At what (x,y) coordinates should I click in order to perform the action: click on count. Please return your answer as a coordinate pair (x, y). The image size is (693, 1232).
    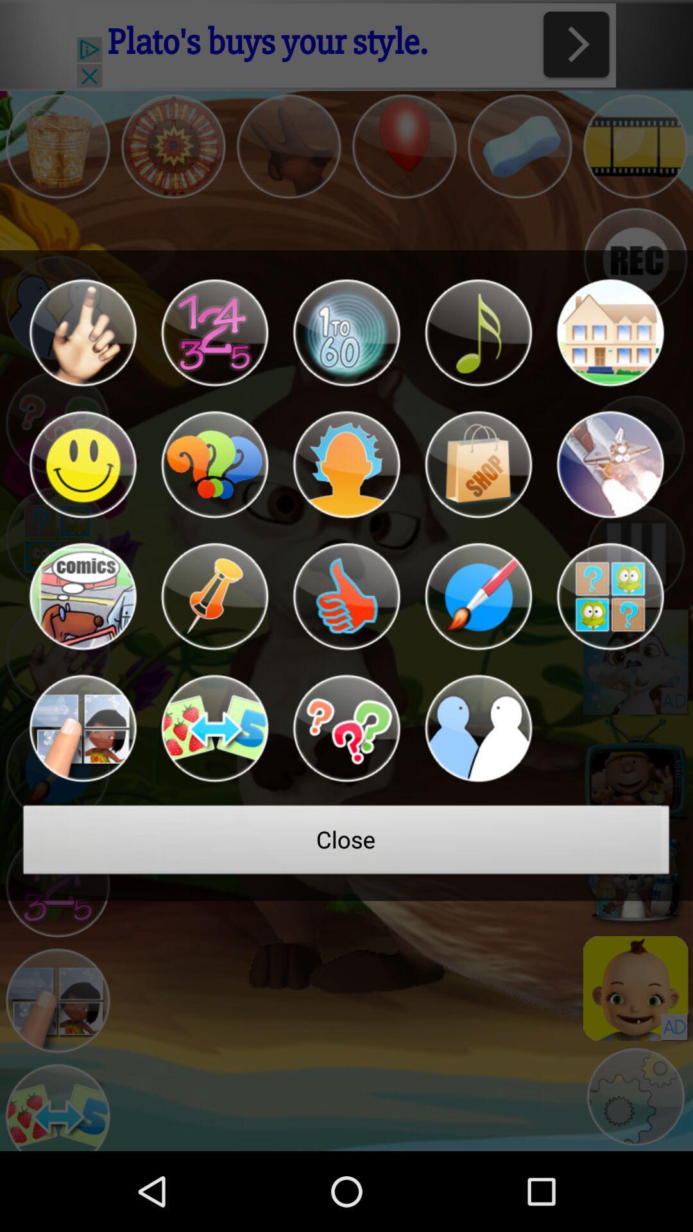
    Looking at the image, I should click on (346, 332).